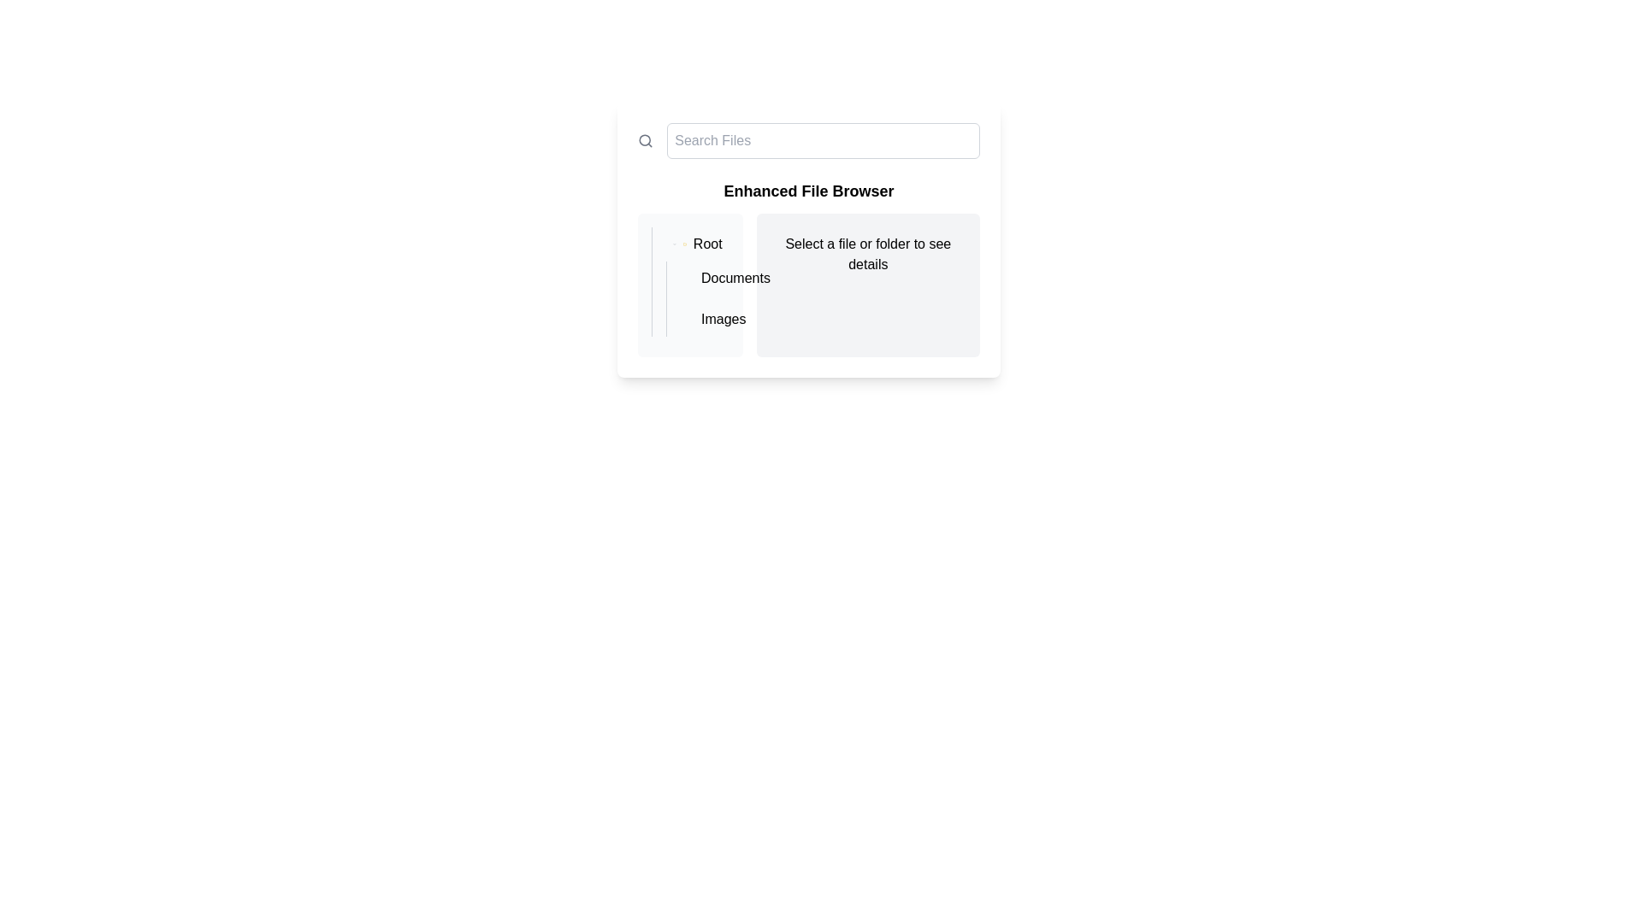 This screenshot has height=923, width=1642. What do you see at coordinates (707, 244) in the screenshot?
I see `the root folder label` at bounding box center [707, 244].